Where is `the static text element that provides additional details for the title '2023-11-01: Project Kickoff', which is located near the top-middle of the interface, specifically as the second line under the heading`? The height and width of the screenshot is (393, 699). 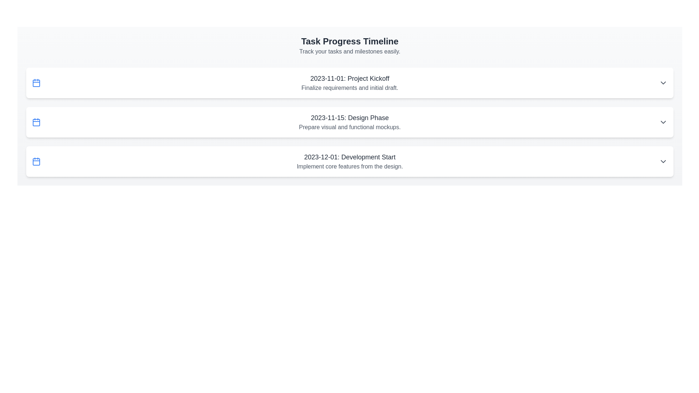 the static text element that provides additional details for the title '2023-11-01: Project Kickoff', which is located near the top-middle of the interface, specifically as the second line under the heading is located at coordinates (349, 88).